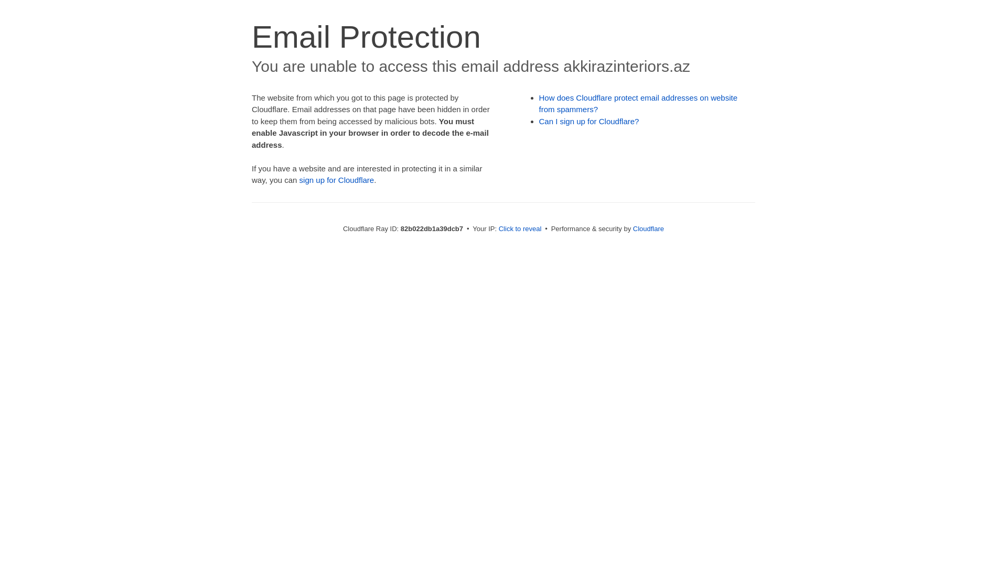 The width and height of the screenshot is (1007, 566). What do you see at coordinates (648, 228) in the screenshot?
I see `'Cloudflare'` at bounding box center [648, 228].